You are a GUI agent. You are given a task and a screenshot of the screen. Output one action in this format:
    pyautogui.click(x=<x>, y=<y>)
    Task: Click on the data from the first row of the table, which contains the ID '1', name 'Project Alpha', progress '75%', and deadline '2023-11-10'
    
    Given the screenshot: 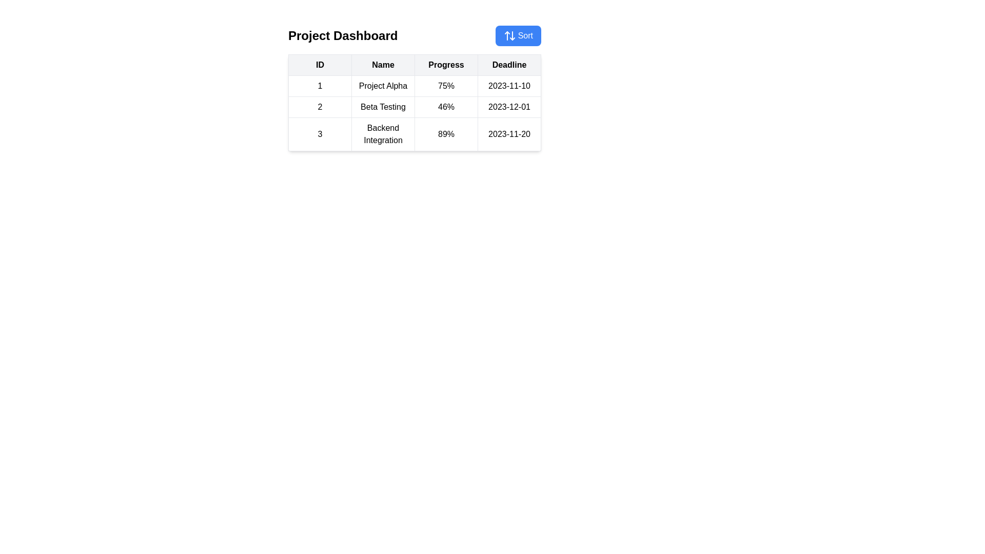 What is the action you would take?
    pyautogui.click(x=415, y=86)
    